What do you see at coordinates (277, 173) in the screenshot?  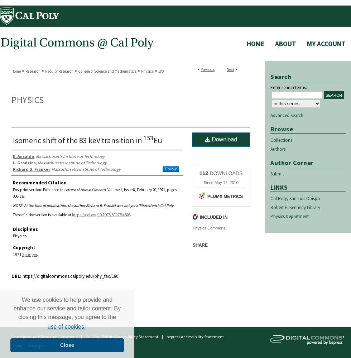 I see `'Submit'` at bounding box center [277, 173].